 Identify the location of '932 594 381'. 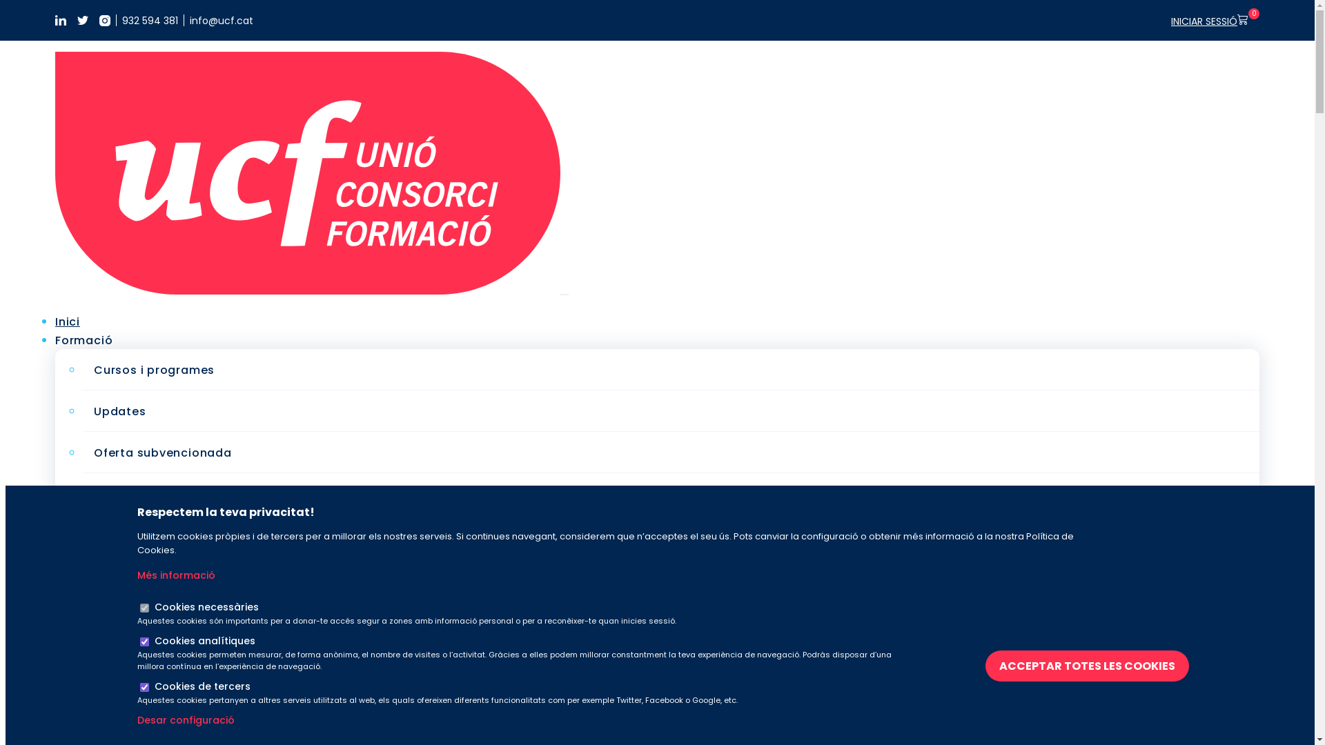
(150, 21).